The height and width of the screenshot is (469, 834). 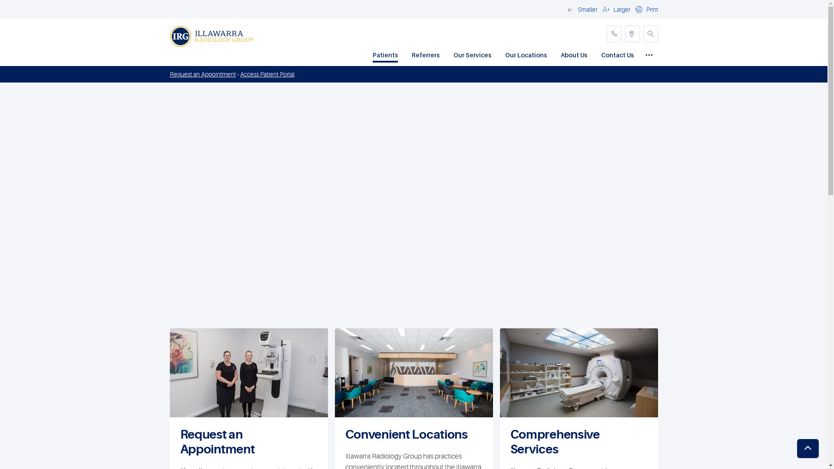 I want to click on 'Access Patient Portal', so click(x=266, y=73).